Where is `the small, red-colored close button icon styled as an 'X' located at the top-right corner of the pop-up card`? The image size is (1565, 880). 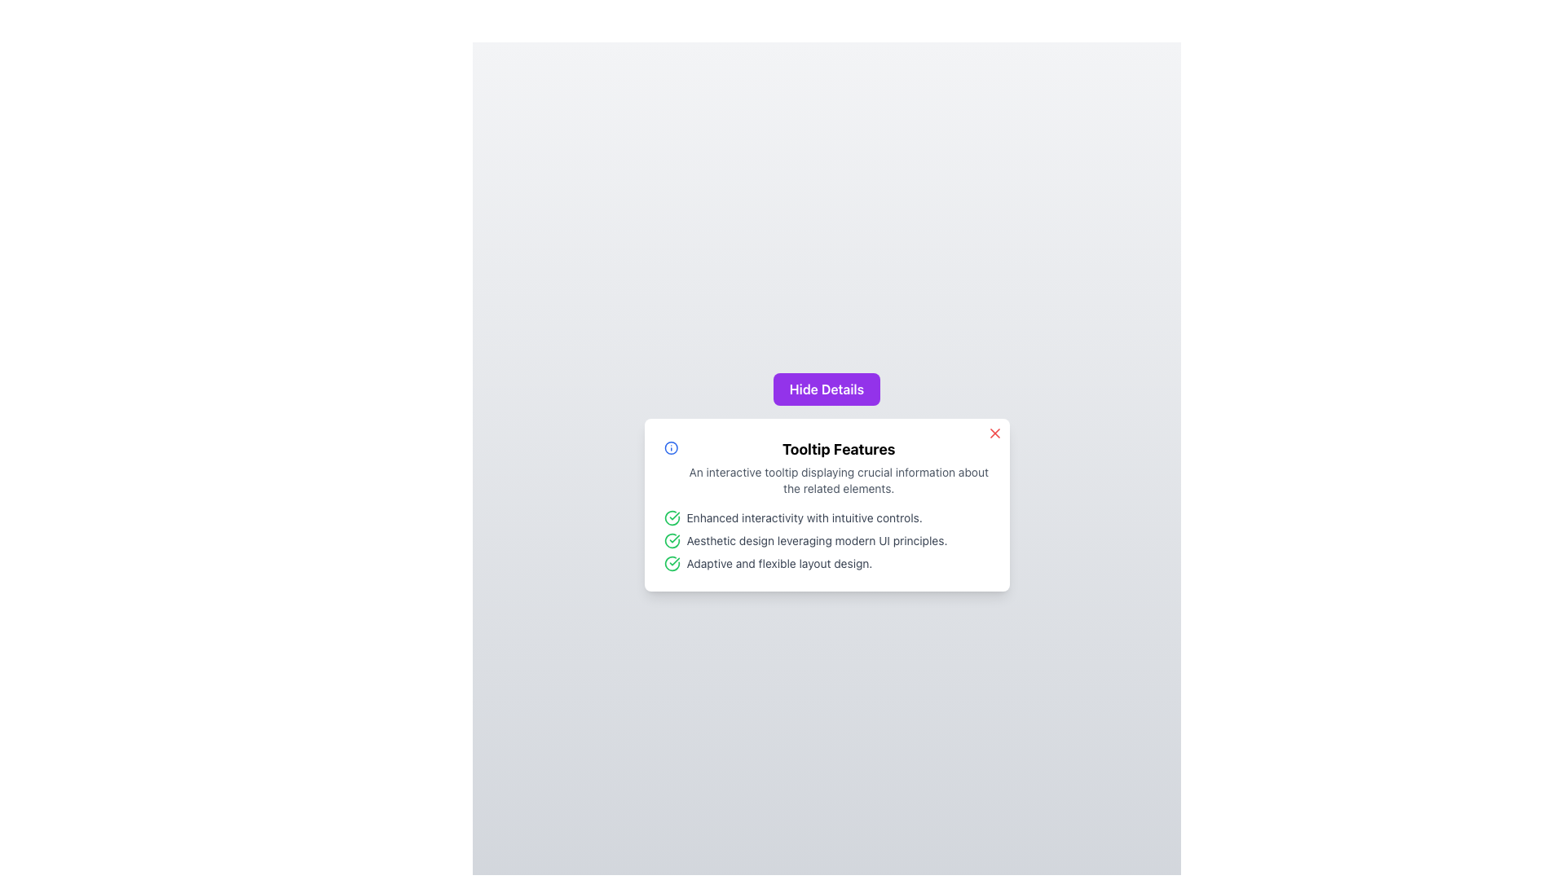 the small, red-colored close button icon styled as an 'X' located at the top-right corner of the pop-up card is located at coordinates (994, 433).